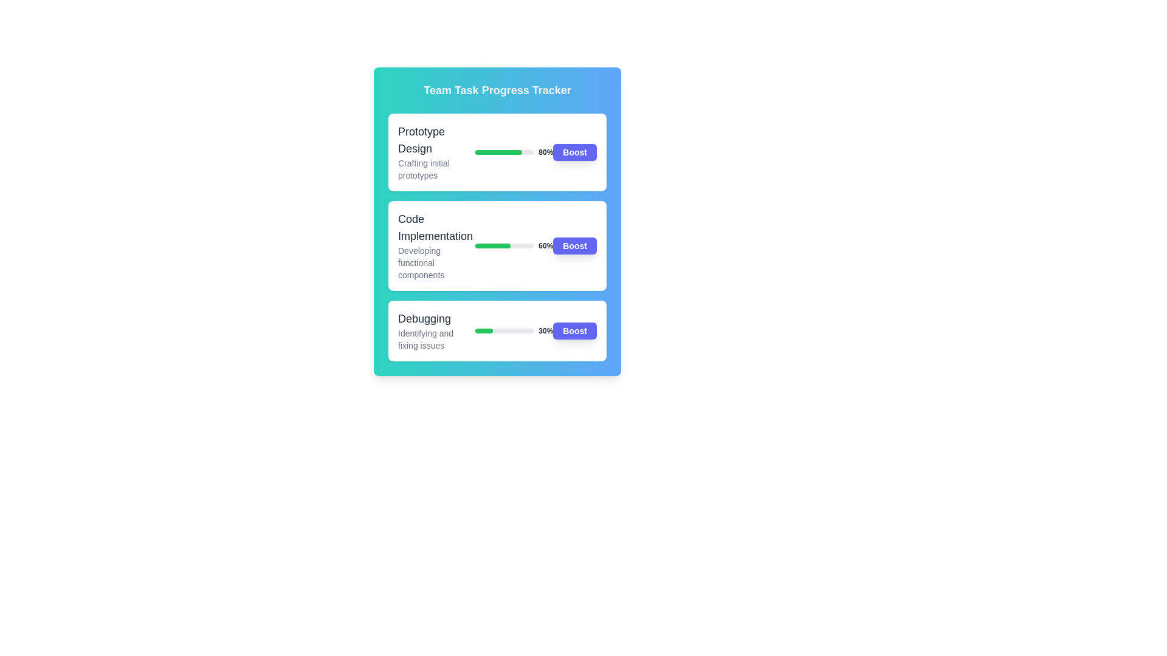 The image size is (1167, 656). I want to click on the percentage text '30%' displayed next to the progress bar, which indicates the current progress in the bottom-most card of the interface, so click(514, 330).